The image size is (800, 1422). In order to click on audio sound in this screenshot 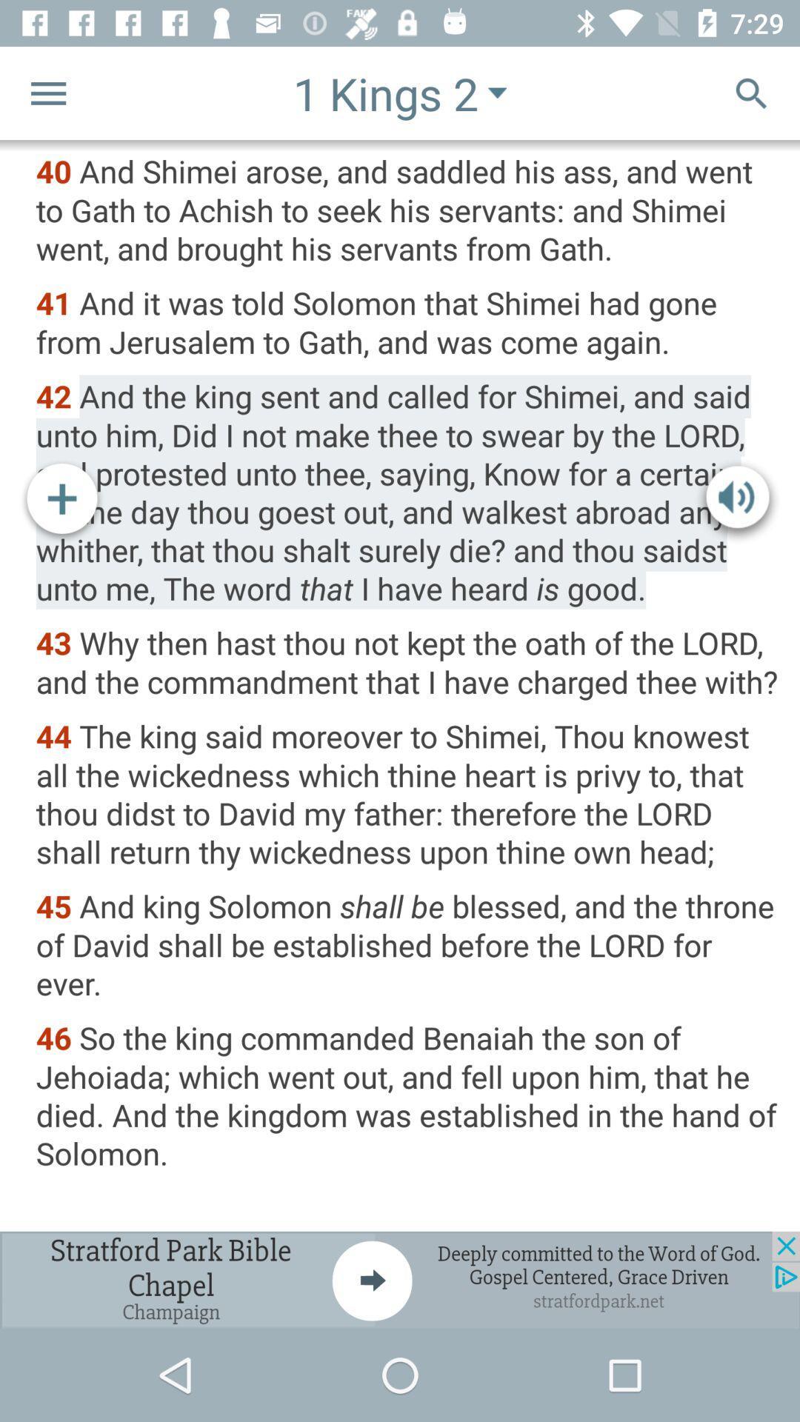, I will do `click(737, 501)`.